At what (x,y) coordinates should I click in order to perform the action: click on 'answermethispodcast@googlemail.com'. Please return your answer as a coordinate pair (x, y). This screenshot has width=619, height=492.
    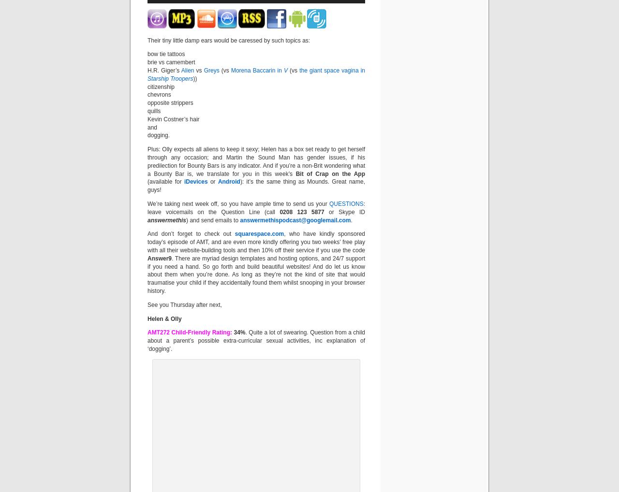
    Looking at the image, I should click on (295, 219).